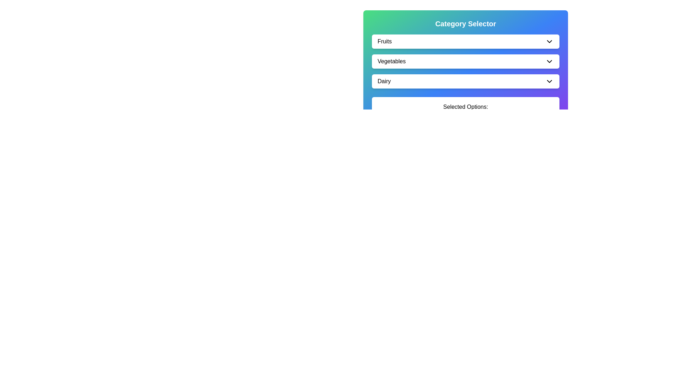  What do you see at coordinates (465, 23) in the screenshot?
I see `the text heading 'Category Selector' which is styled with a bold, large font and positioned at the top of the content area within a gradient-colored background` at bounding box center [465, 23].